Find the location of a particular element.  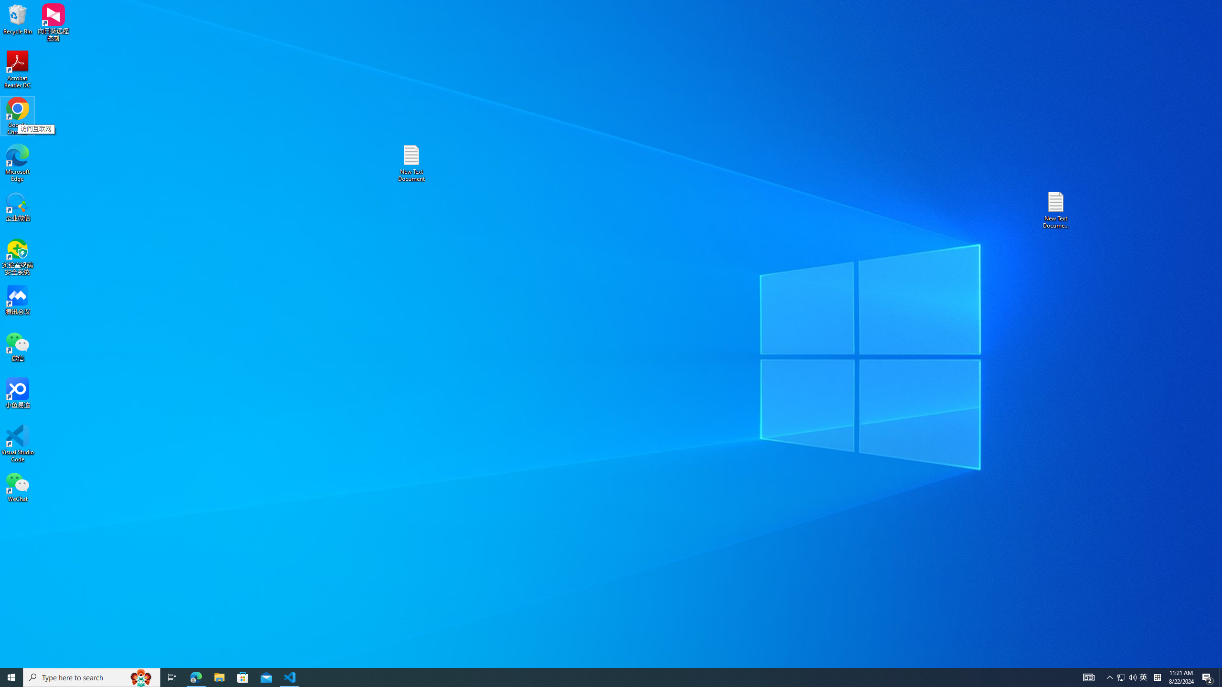

'Search highlights icon opens search home window' is located at coordinates (140, 677).